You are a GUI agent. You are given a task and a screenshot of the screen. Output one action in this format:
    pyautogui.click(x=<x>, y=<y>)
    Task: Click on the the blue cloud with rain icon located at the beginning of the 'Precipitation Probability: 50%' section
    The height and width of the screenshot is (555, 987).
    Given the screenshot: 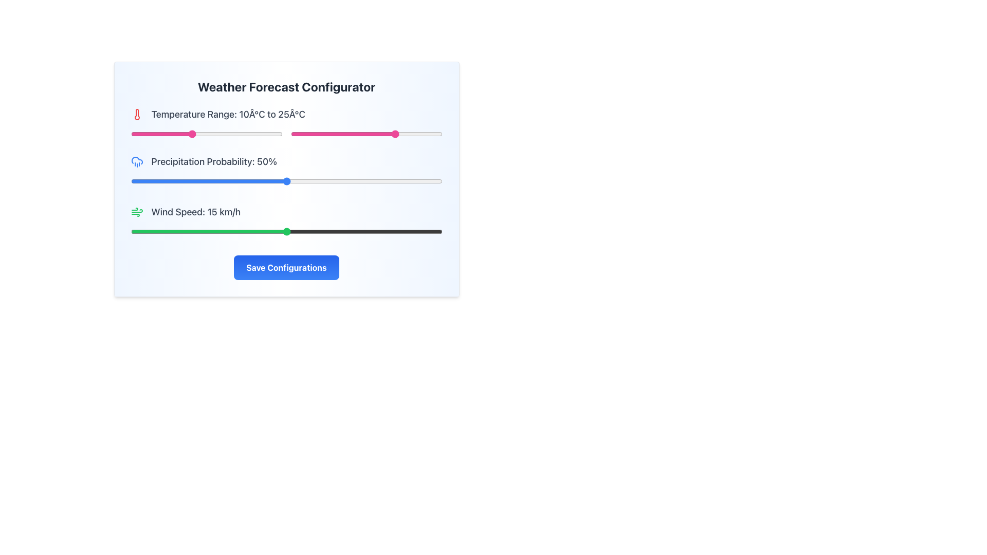 What is the action you would take?
    pyautogui.click(x=136, y=162)
    